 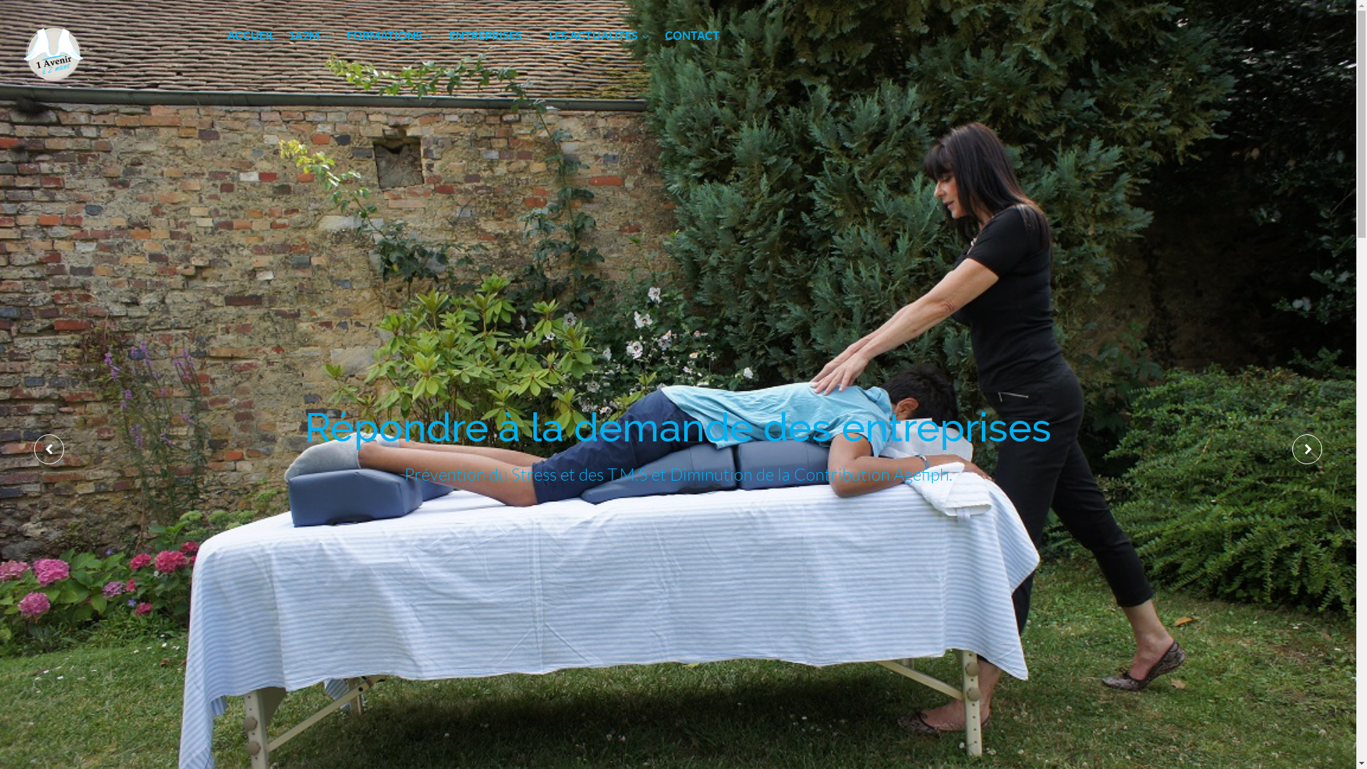 What do you see at coordinates (692, 36) in the screenshot?
I see `'CONTACT'` at bounding box center [692, 36].